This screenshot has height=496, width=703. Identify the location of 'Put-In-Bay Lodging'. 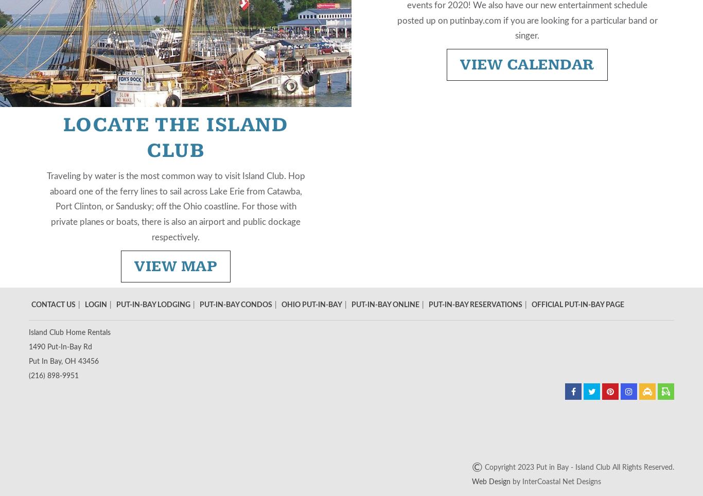
(115, 304).